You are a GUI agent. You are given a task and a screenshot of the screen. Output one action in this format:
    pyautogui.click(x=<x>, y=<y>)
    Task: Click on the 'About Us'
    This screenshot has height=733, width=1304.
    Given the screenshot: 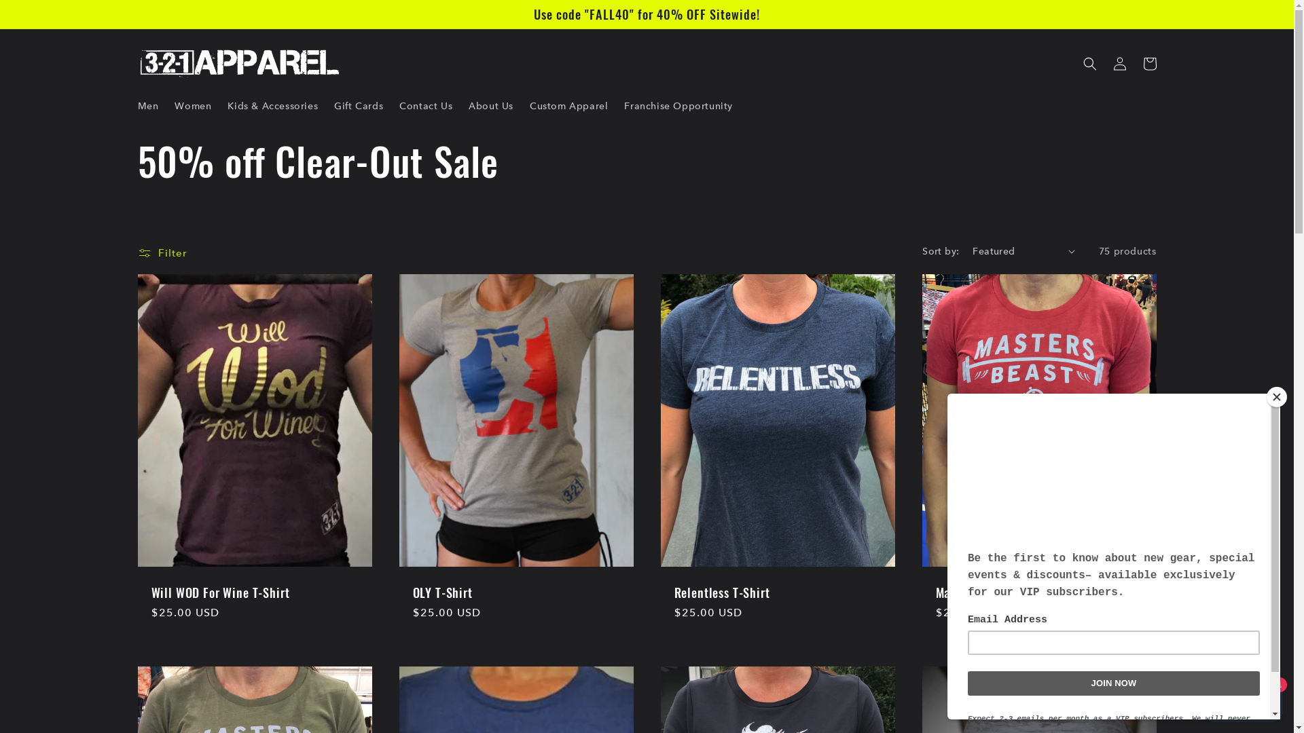 What is the action you would take?
    pyautogui.click(x=460, y=105)
    